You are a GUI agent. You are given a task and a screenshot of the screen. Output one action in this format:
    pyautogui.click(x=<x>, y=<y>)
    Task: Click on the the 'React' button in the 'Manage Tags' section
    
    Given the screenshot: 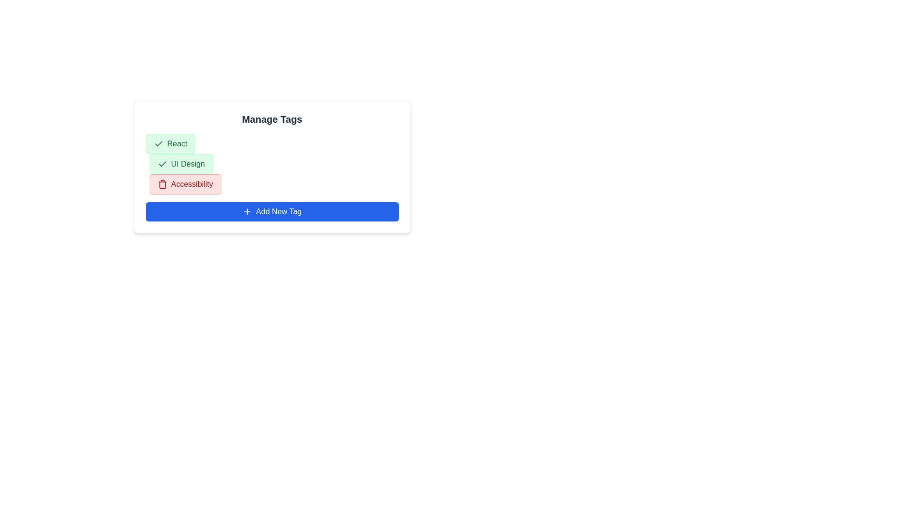 What is the action you would take?
    pyautogui.click(x=170, y=144)
    